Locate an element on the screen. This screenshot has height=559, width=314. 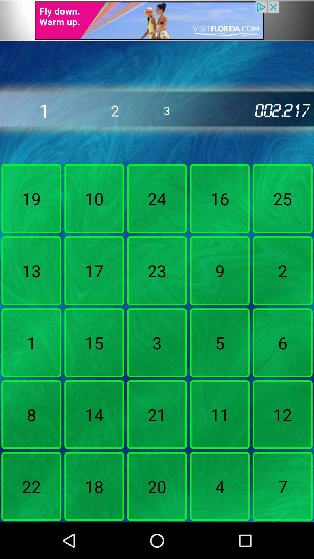
calculater is located at coordinates (157, 20).